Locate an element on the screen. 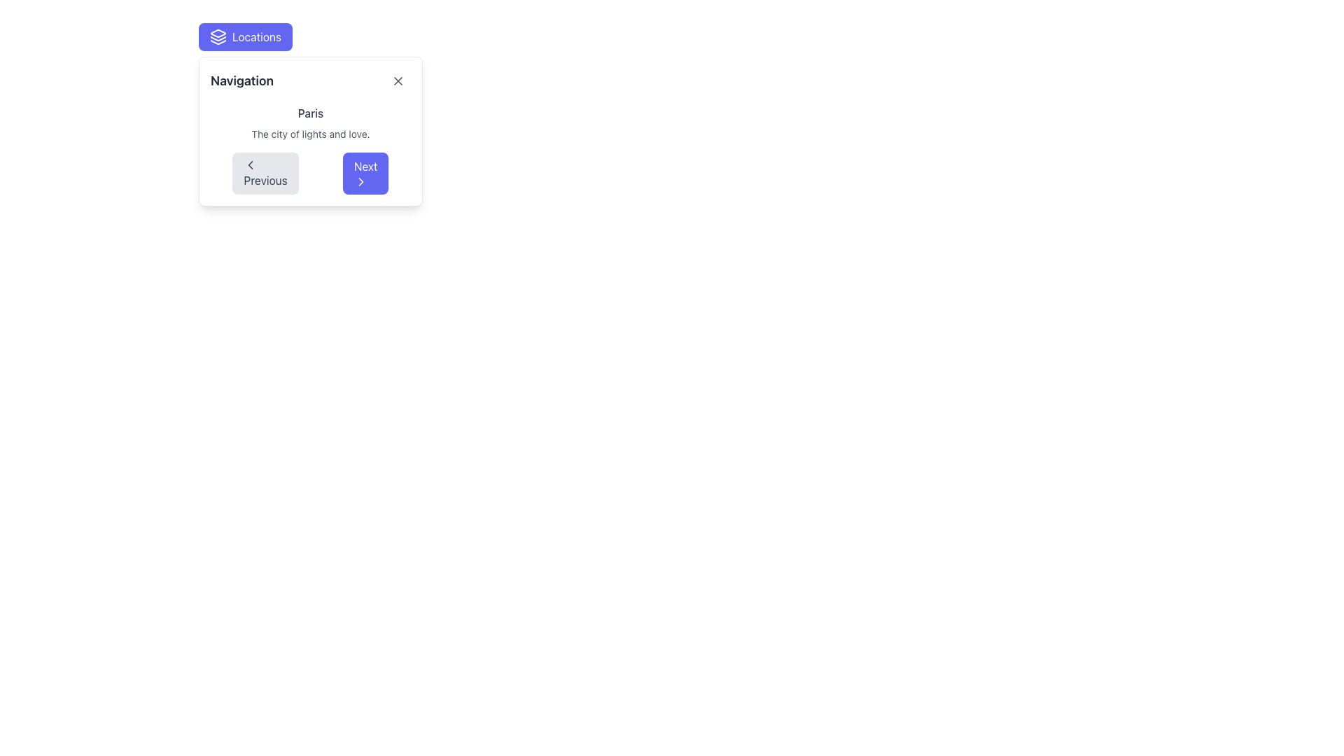 This screenshot has height=756, width=1344. the rightward-pointing chevron arrow icon within the 'Next' button, which is aligned to the right of the button's text label is located at coordinates (360, 181).